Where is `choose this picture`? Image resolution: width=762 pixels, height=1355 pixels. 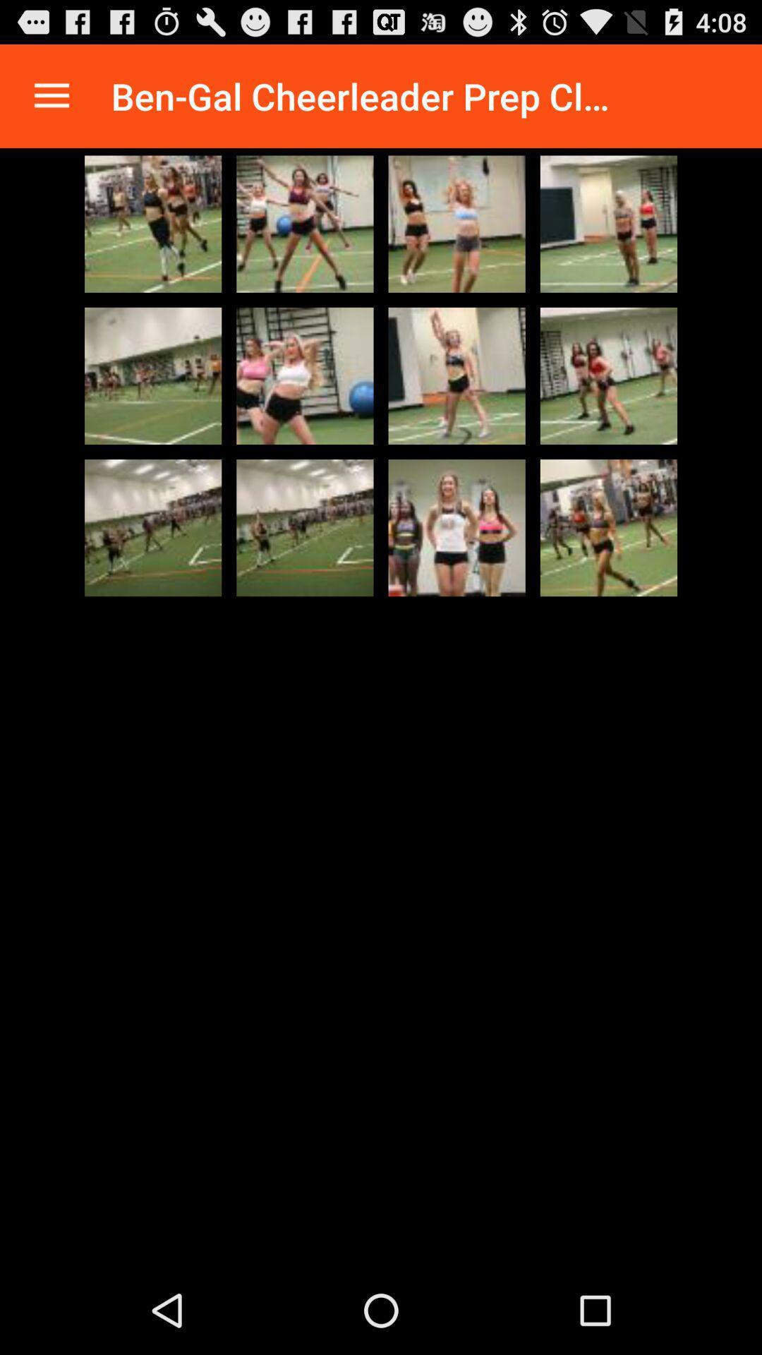
choose this picture is located at coordinates (607, 375).